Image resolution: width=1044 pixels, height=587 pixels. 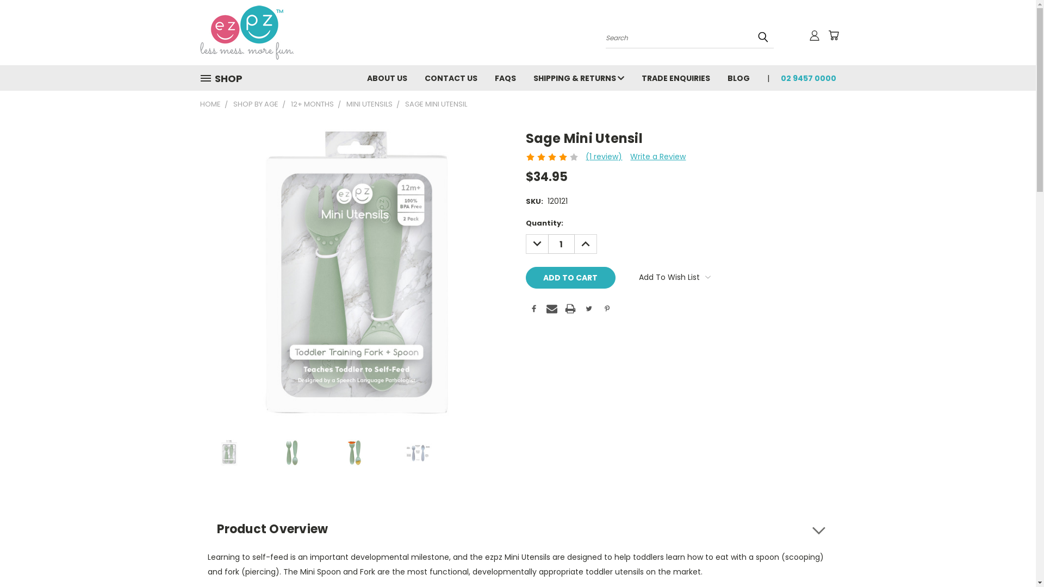 I want to click on 'Add To Wish List', so click(x=674, y=276).